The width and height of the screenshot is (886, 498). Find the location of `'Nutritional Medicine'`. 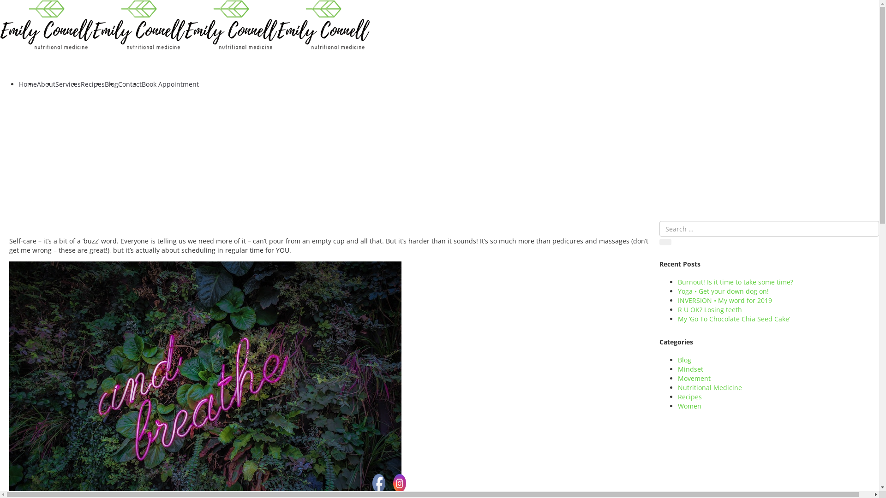

'Nutritional Medicine' is located at coordinates (709, 387).